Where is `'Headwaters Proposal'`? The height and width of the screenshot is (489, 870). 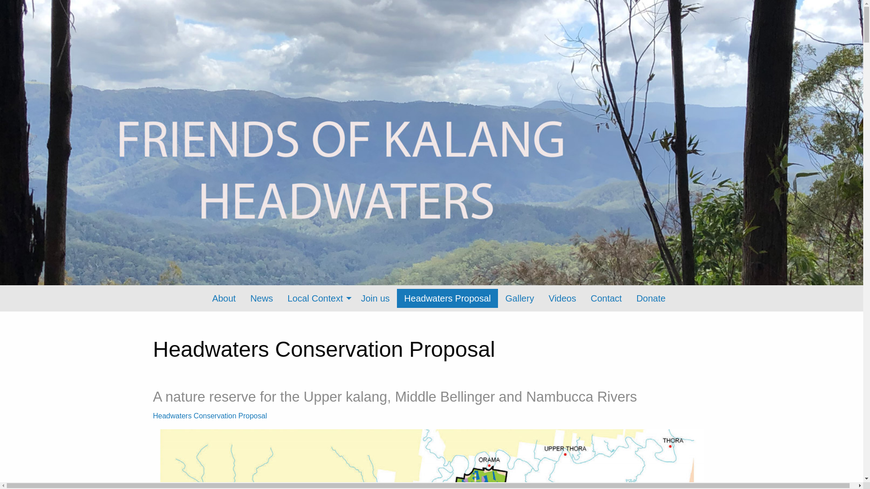 'Headwaters Proposal' is located at coordinates (447, 298).